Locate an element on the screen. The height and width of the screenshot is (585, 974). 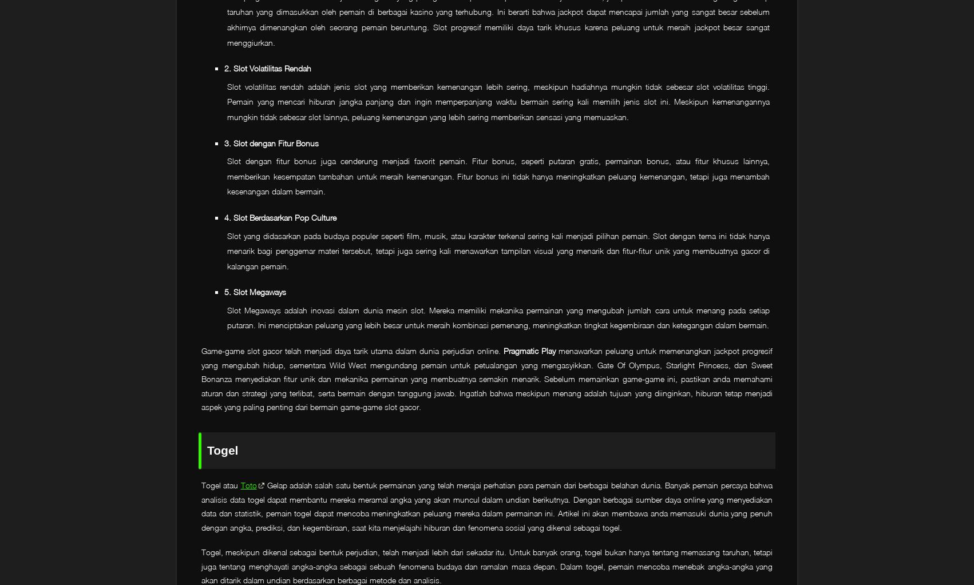
'4. Slot Berdasarkan Pop Culture' is located at coordinates (224, 216).